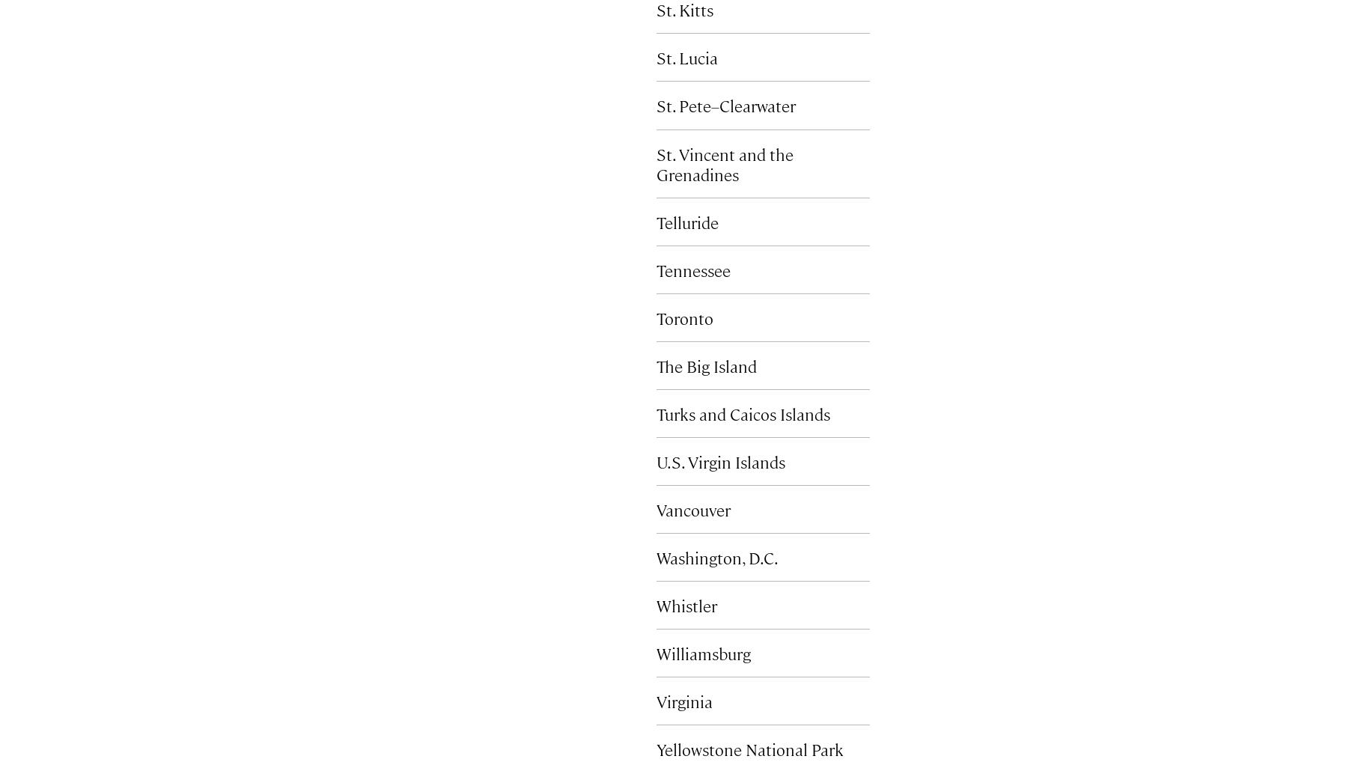 This screenshot has height=765, width=1346. I want to click on 'Toronto', so click(684, 317).